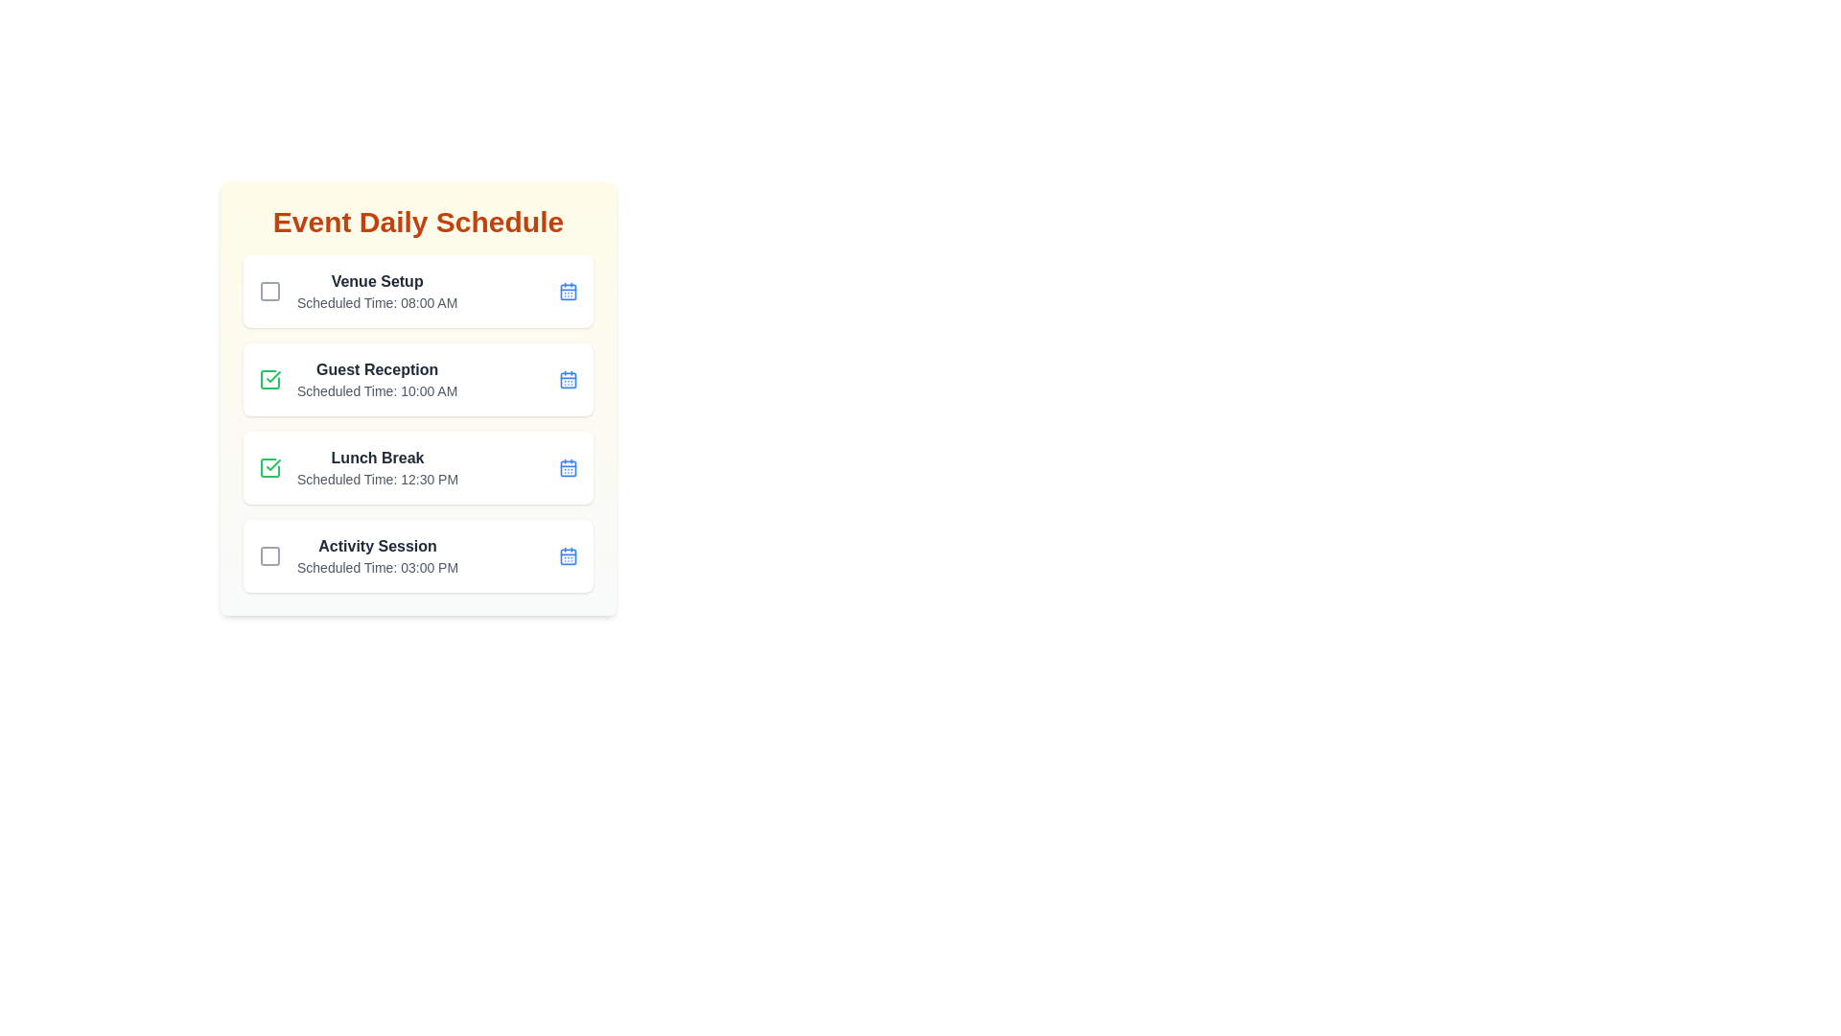  What do you see at coordinates (568, 380) in the screenshot?
I see `the calendar icon for the task Guest Reception` at bounding box center [568, 380].